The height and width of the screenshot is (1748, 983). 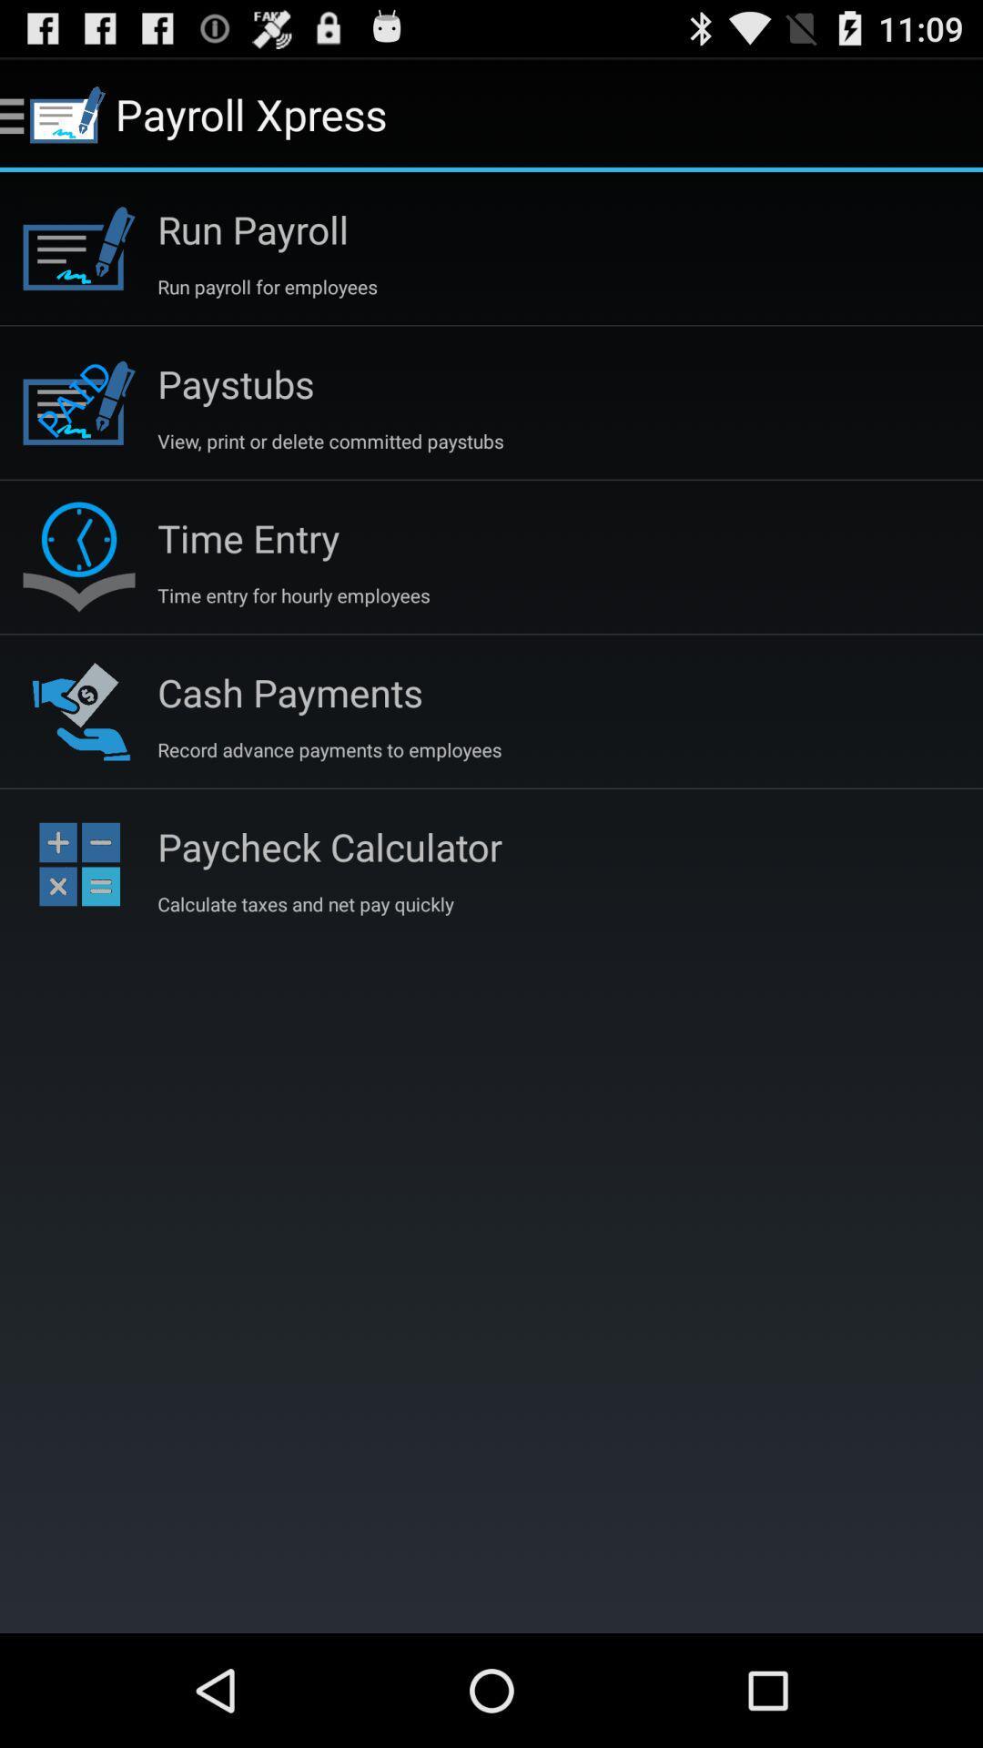 I want to click on the item below record advance payments item, so click(x=329, y=846).